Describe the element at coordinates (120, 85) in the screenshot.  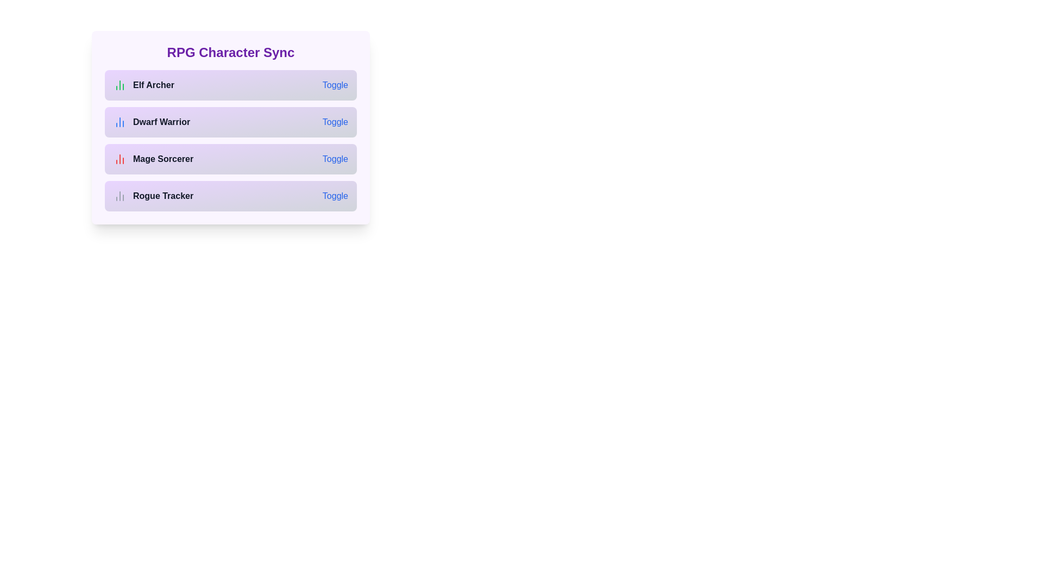
I see `the vertical bar chart icon located next to the 'Elf Archer' text in the 'RPG Character Sync' section` at that location.